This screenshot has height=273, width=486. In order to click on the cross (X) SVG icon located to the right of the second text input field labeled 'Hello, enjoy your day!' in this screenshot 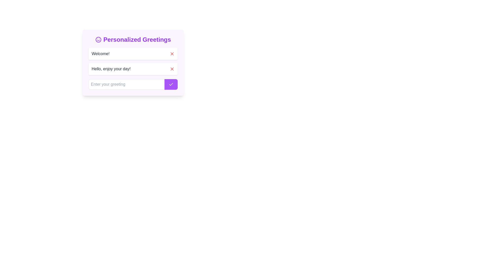, I will do `click(172, 54)`.